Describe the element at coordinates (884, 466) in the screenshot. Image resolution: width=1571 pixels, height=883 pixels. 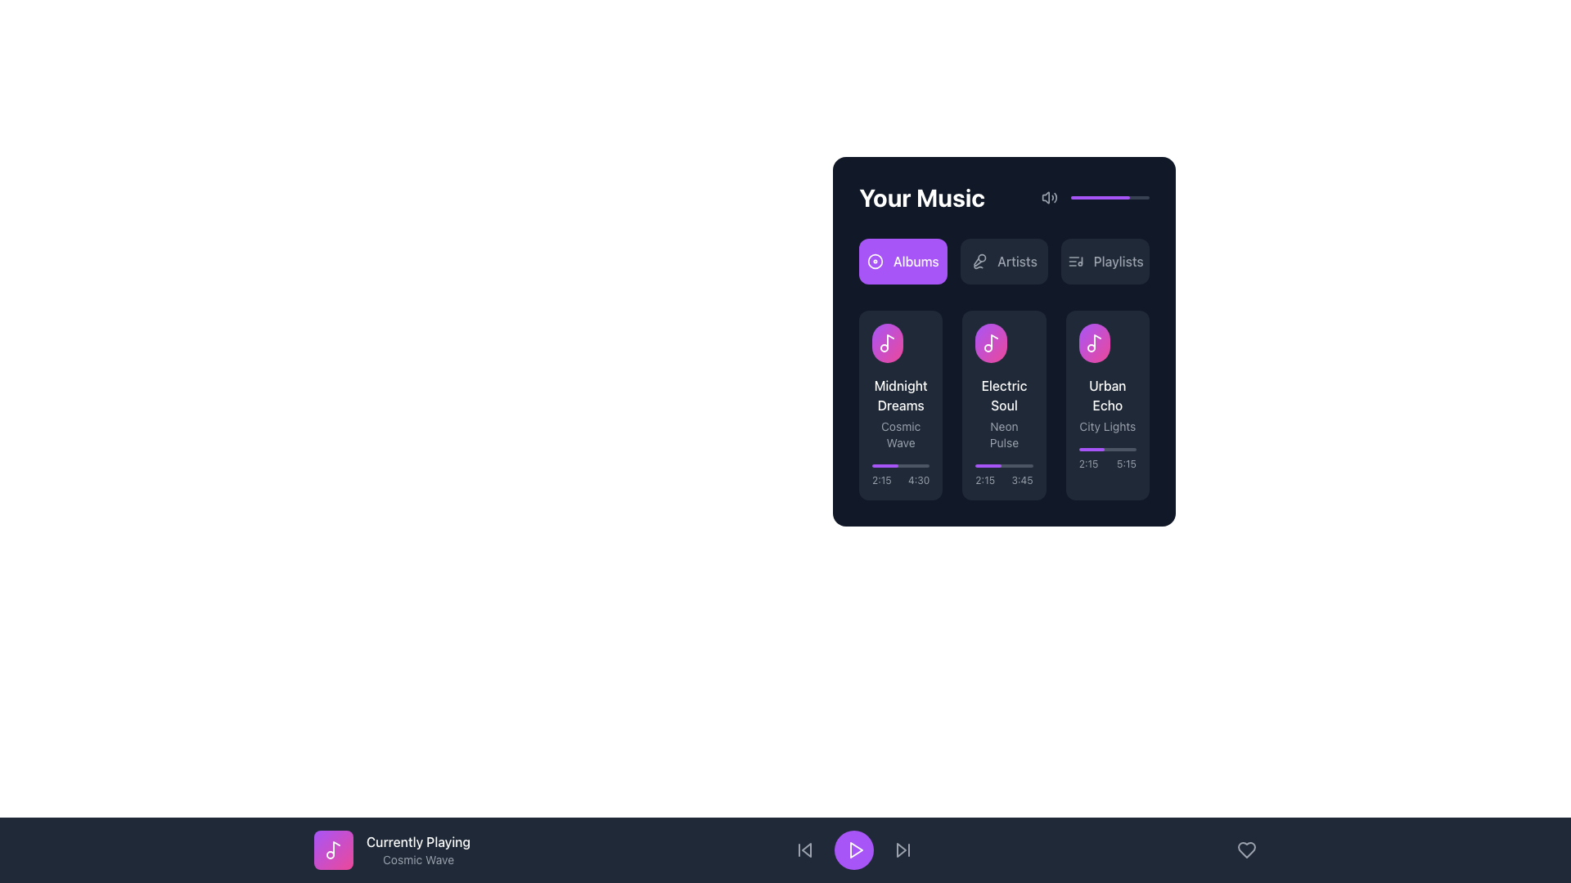
I see `the Progress Bar Fill element, which is a purple-filled horizontal bar located at the bottom section of the interface, indicating the progress of the currently playing music track` at that location.